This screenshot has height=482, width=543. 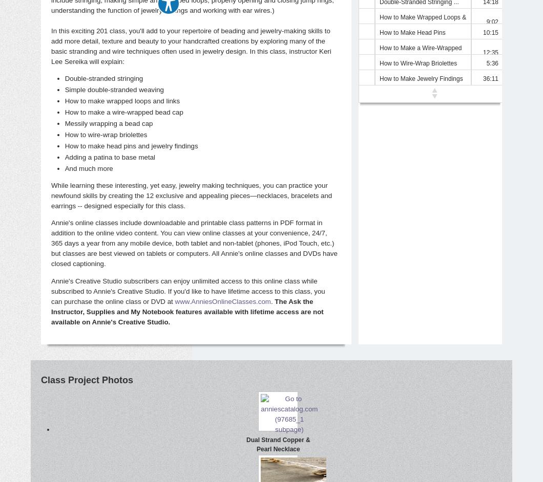 What do you see at coordinates (273, 301) in the screenshot?
I see `'.'` at bounding box center [273, 301].